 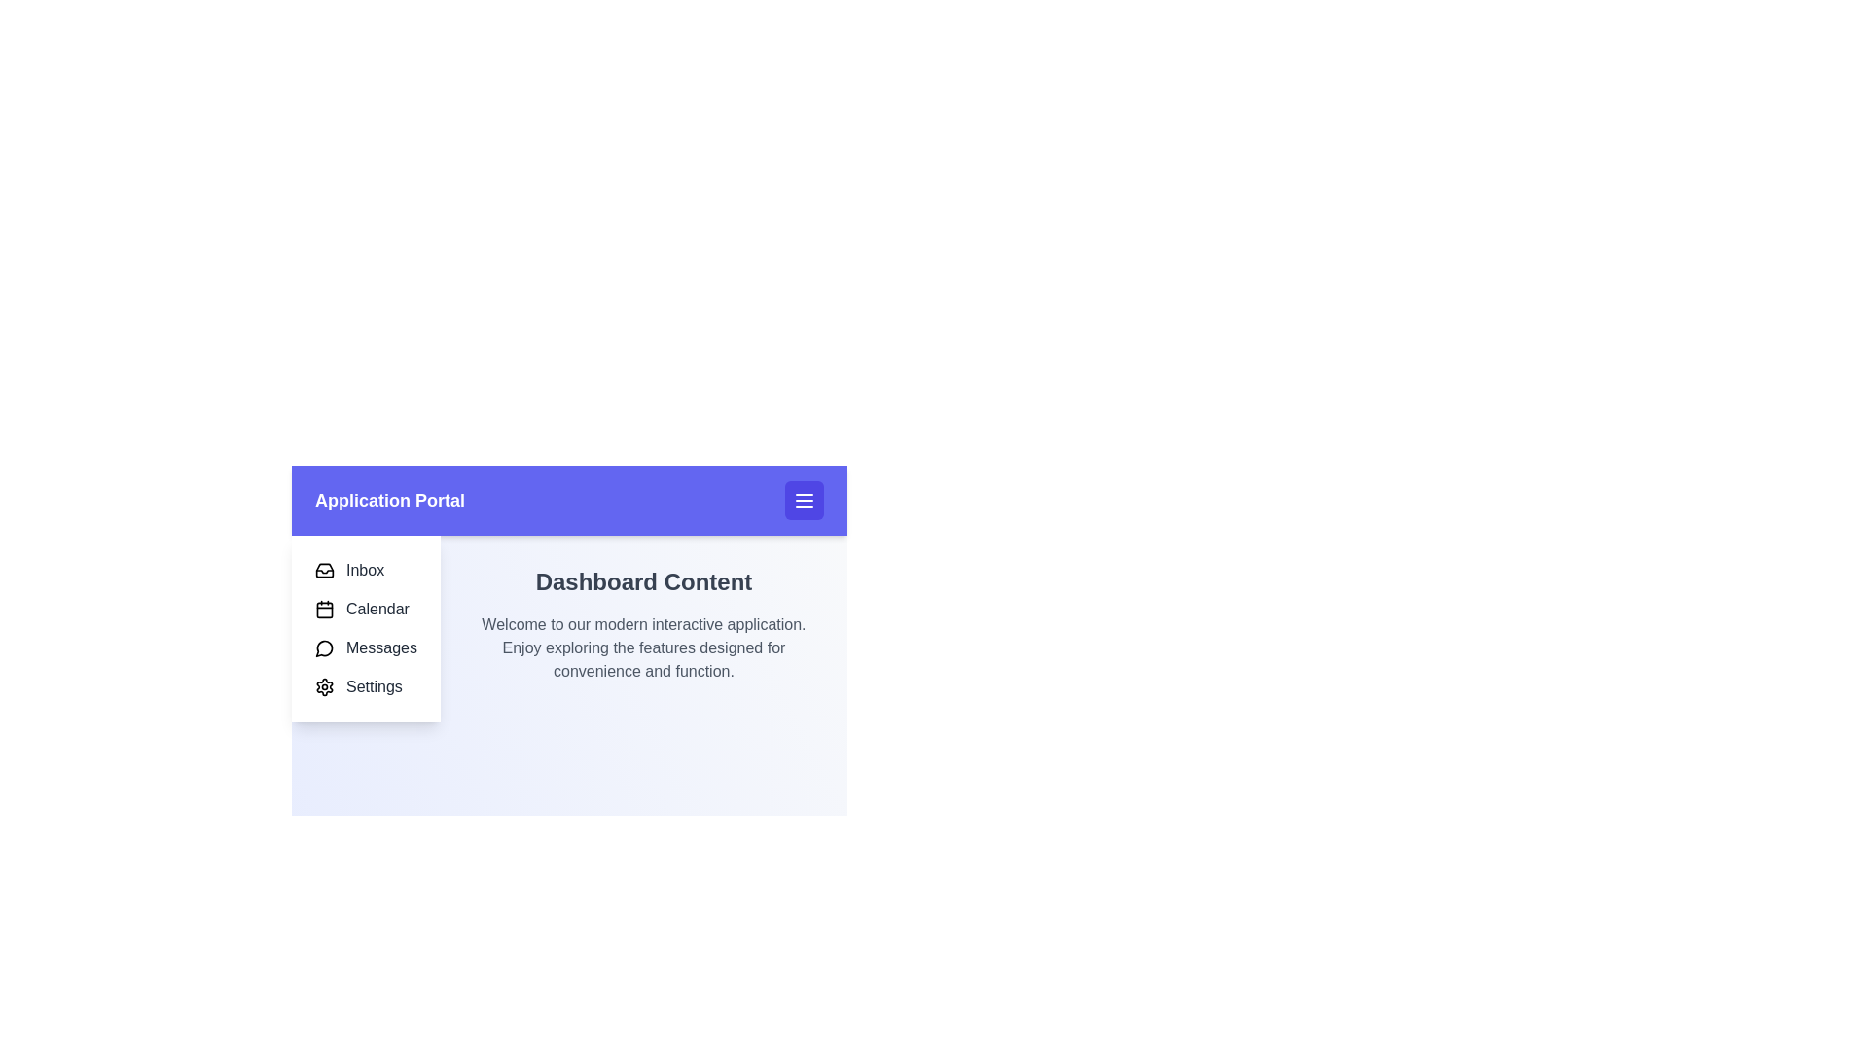 I want to click on the circular speech bubble icon located next to the 'Messages' text in the vertical menu, so click(x=325, y=648).